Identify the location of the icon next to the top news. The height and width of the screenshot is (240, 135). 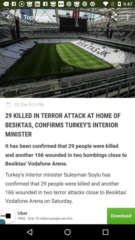
(114, 17).